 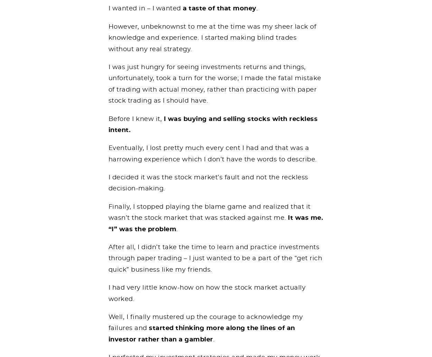 What do you see at coordinates (213, 124) in the screenshot?
I see `'I was buying and selling stocks with reckless intent.'` at bounding box center [213, 124].